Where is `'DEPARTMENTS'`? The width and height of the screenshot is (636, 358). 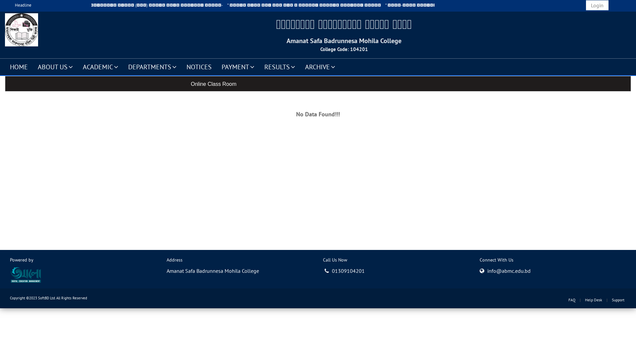 'DEPARTMENTS' is located at coordinates (152, 66).